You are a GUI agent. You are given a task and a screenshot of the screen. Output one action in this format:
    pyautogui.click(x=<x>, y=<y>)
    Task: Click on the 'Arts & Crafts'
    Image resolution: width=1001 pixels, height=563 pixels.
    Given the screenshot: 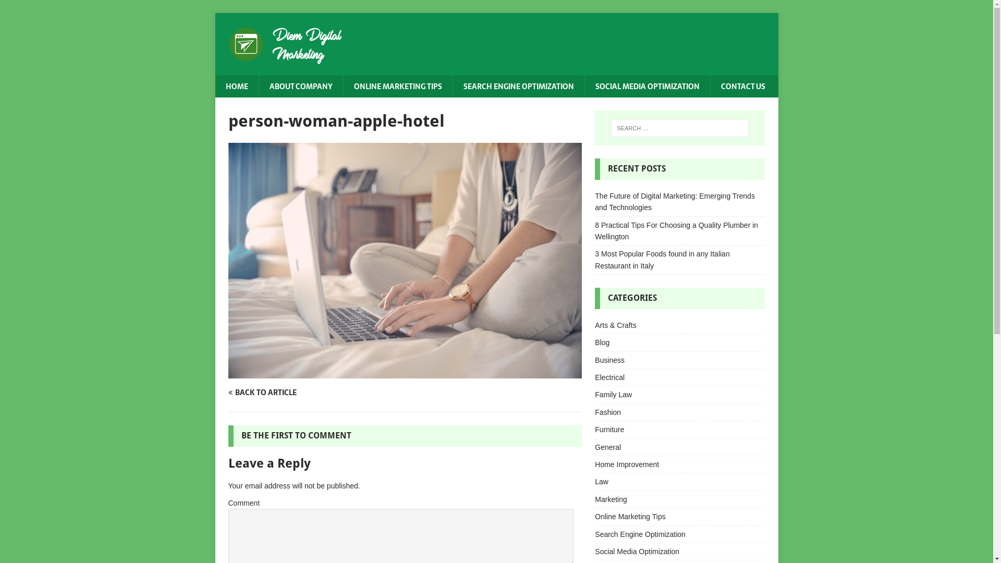 What is the action you would take?
    pyautogui.click(x=680, y=326)
    